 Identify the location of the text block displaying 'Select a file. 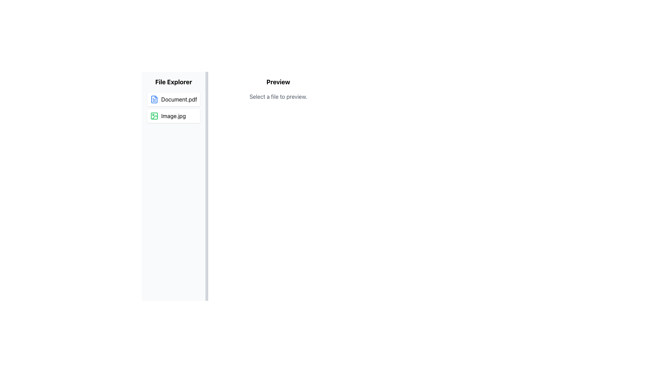
(278, 97).